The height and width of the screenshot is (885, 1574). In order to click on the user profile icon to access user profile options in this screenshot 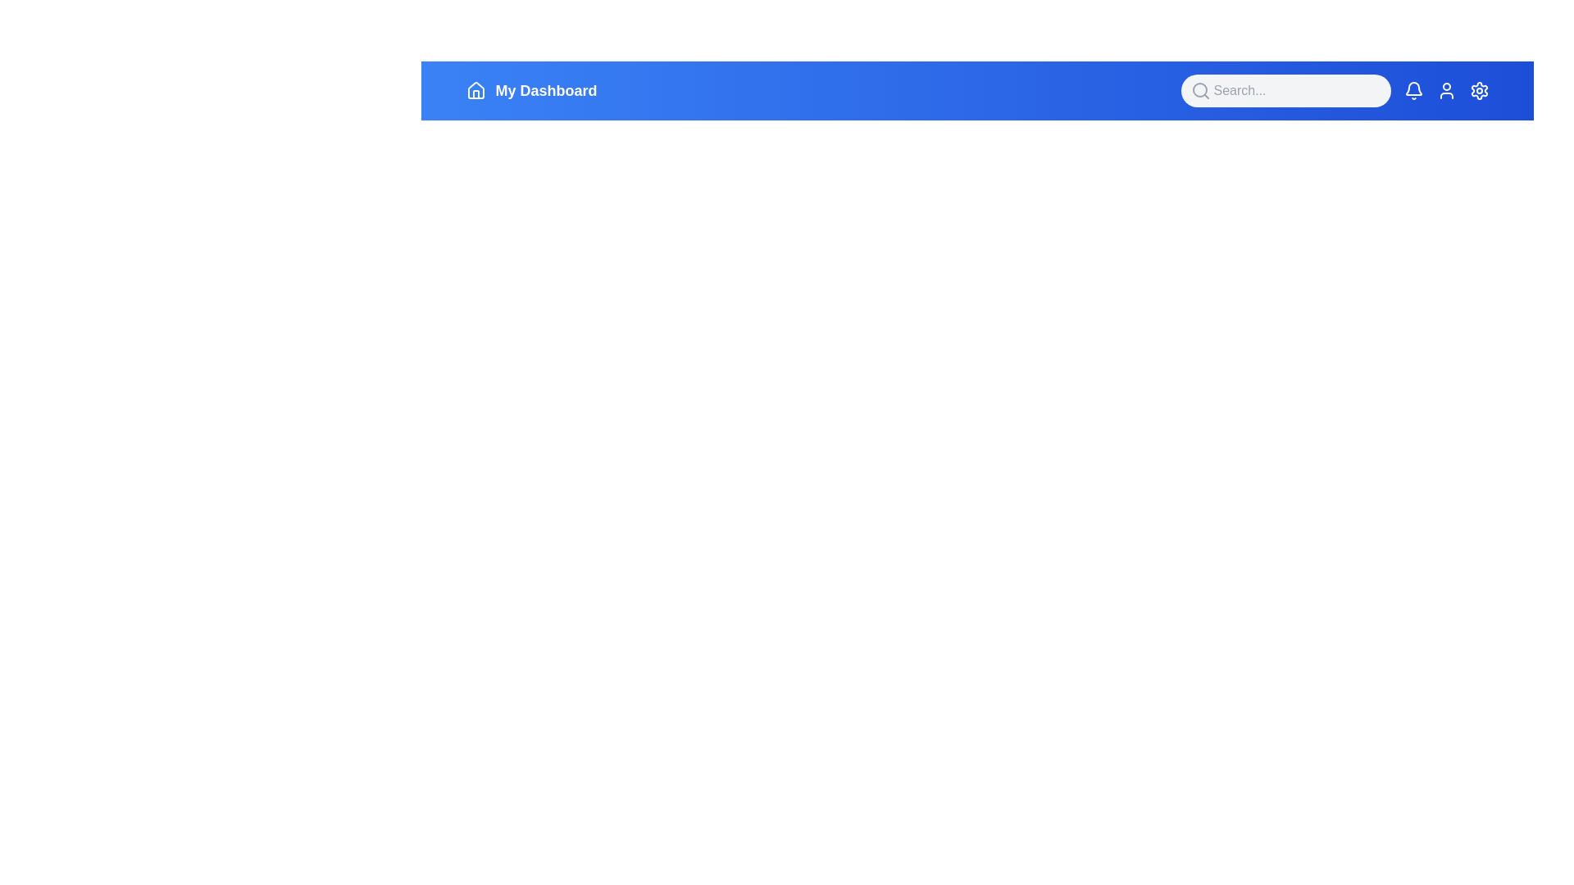, I will do `click(1446, 91)`.